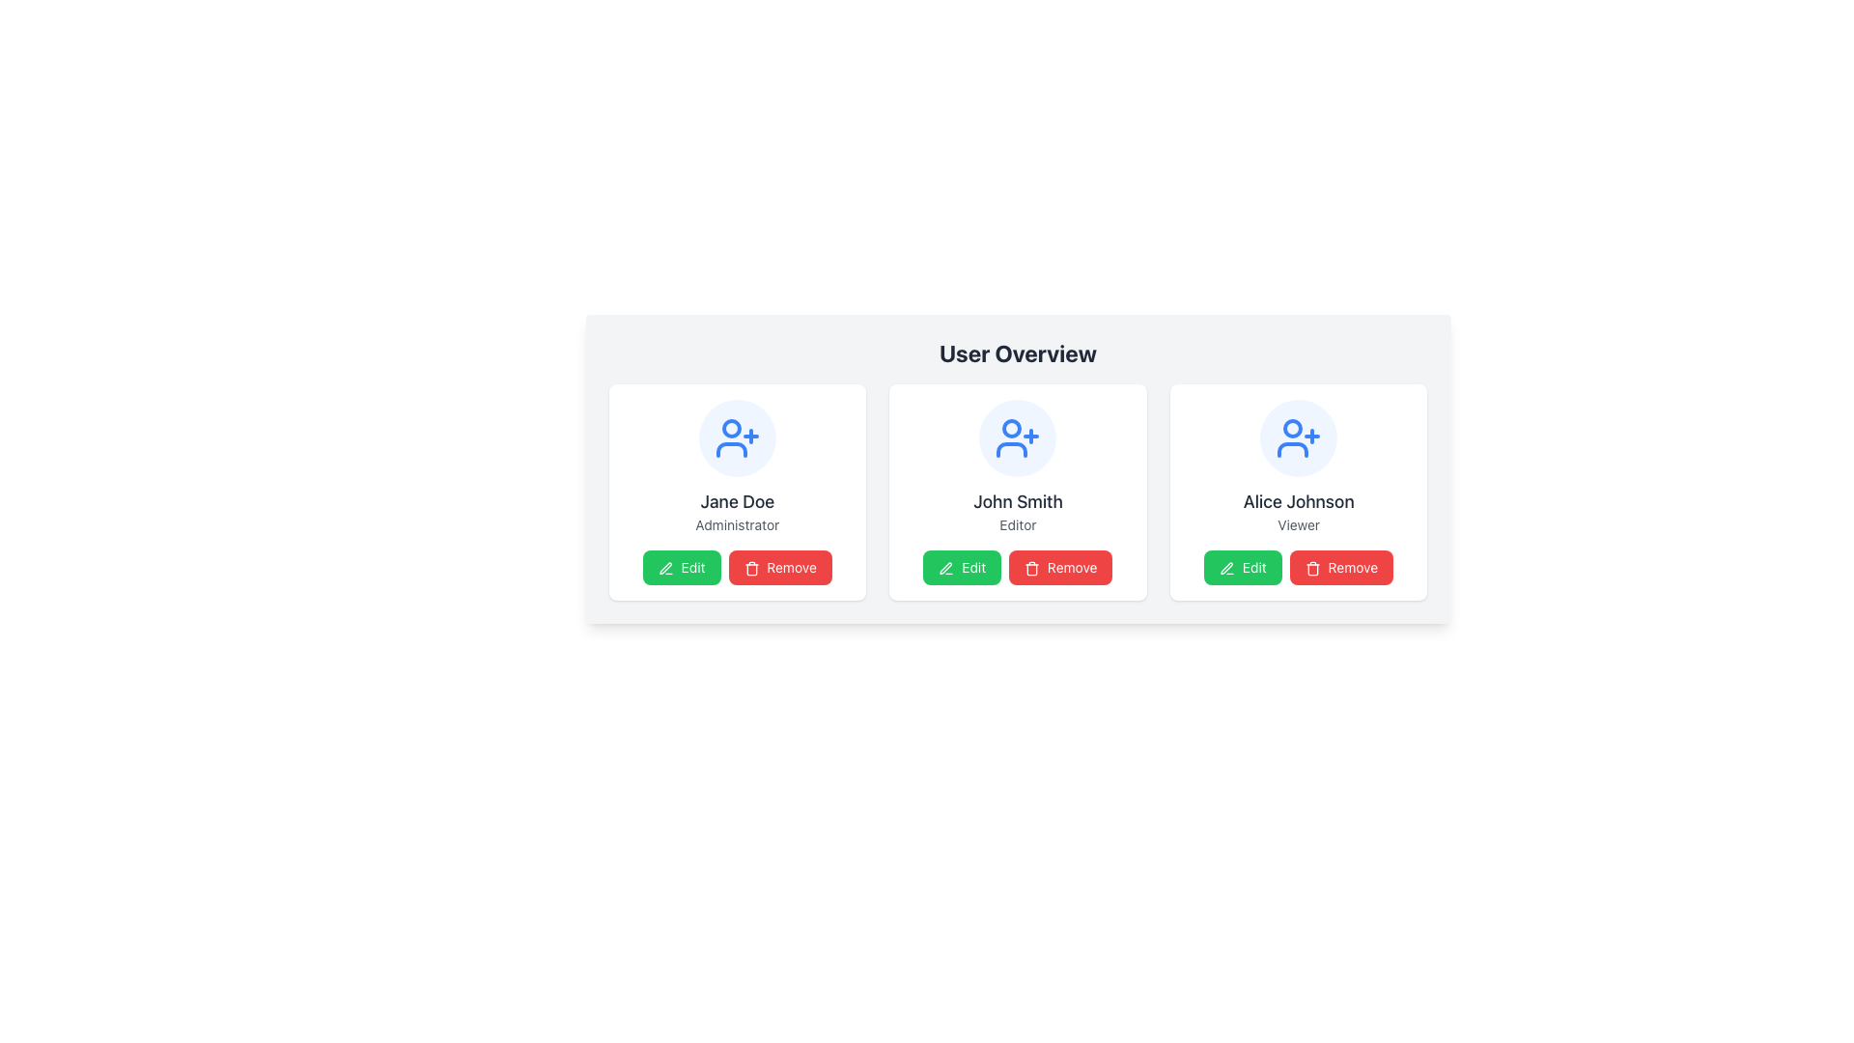 Image resolution: width=1854 pixels, height=1043 pixels. I want to click on the edit button associated with 'Jane Doe' to change its color, so click(682, 566).